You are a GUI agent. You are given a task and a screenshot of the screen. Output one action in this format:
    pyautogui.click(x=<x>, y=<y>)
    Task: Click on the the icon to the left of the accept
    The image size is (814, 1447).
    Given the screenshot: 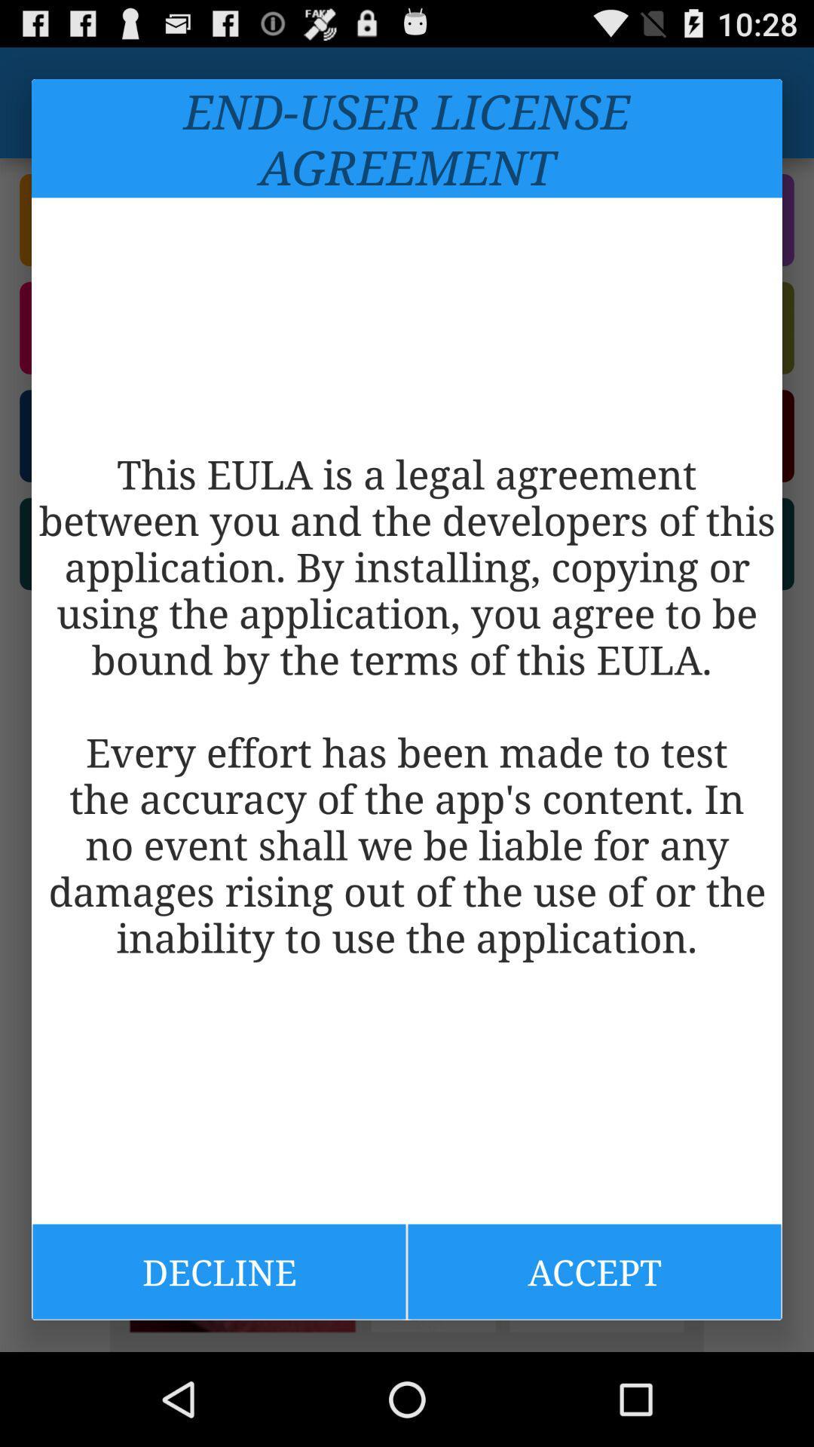 What is the action you would take?
    pyautogui.click(x=219, y=1271)
    